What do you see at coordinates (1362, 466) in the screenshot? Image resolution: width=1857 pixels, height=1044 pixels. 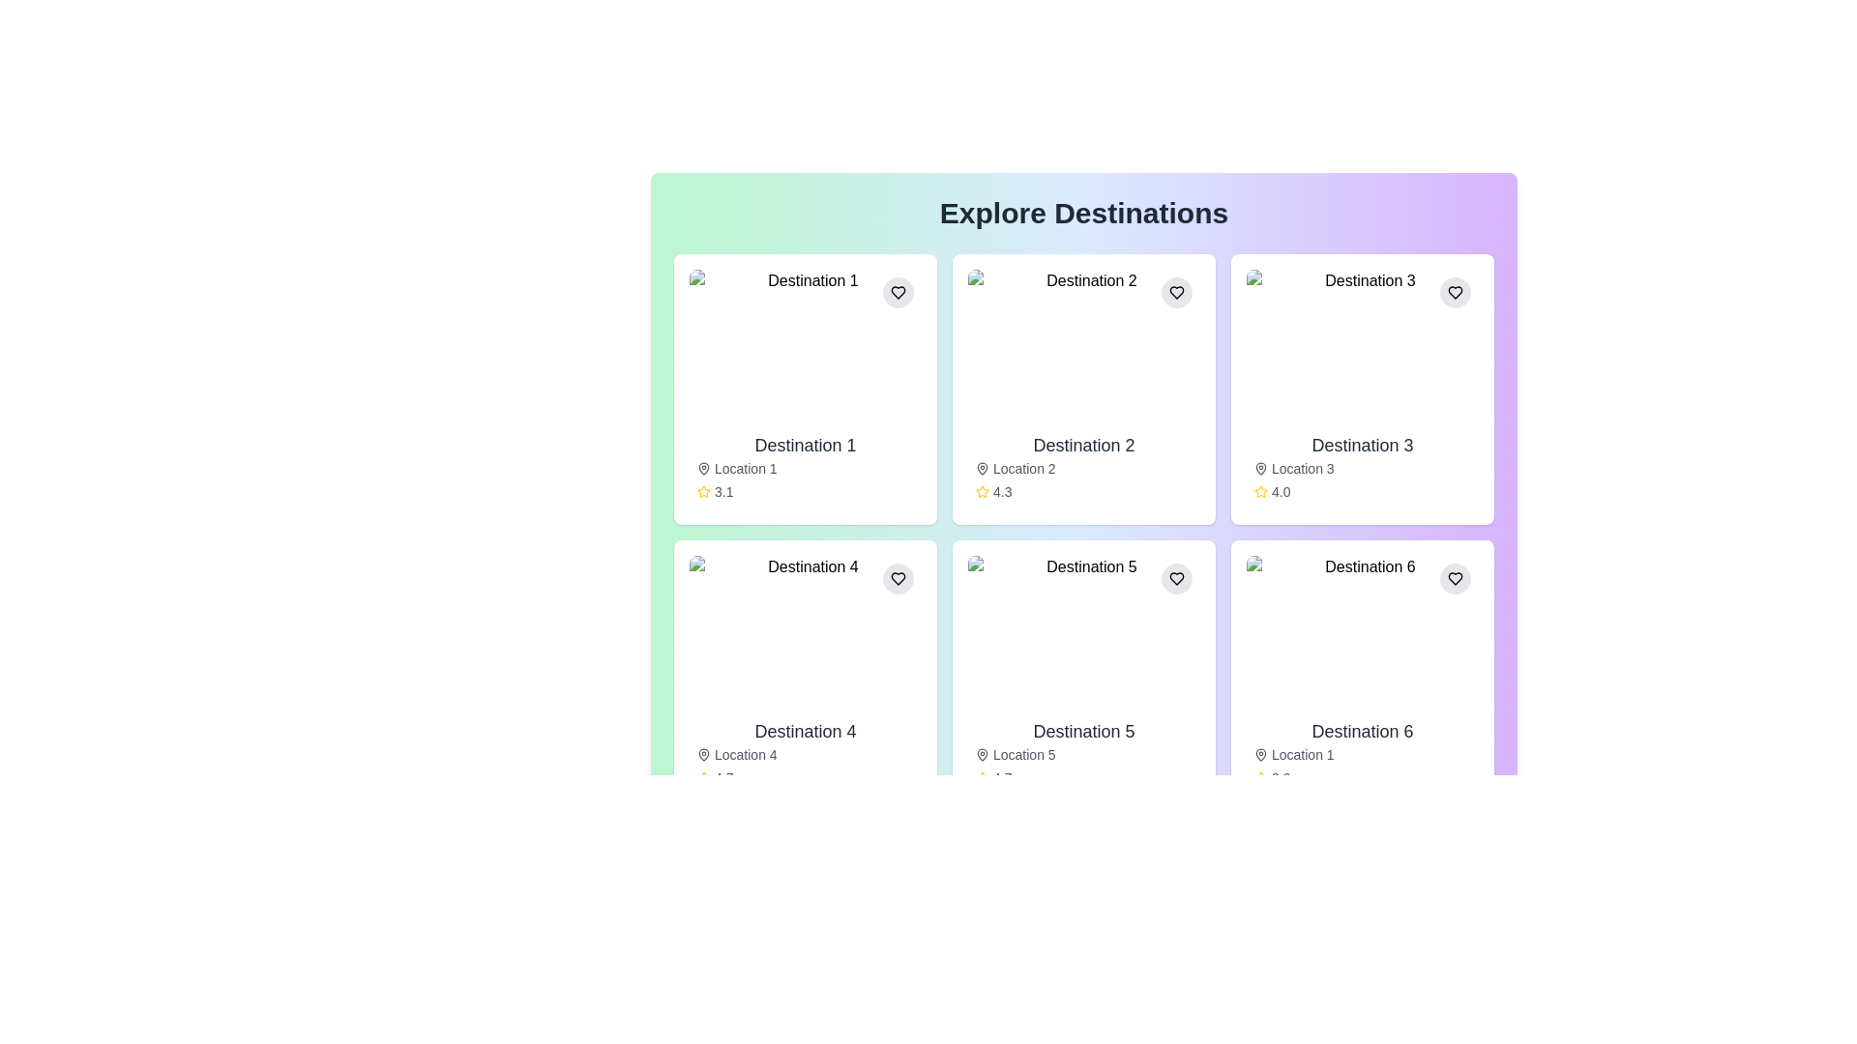 I see `the informational display component showing 'Destination 3' for more details` at bounding box center [1362, 466].